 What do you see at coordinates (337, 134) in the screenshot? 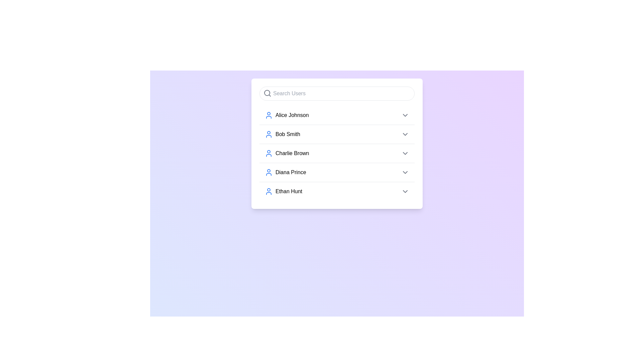
I see `the second interactive list item representing a selectable user, located below 'Alice Johnson' and above 'Charlie Brown'` at bounding box center [337, 134].